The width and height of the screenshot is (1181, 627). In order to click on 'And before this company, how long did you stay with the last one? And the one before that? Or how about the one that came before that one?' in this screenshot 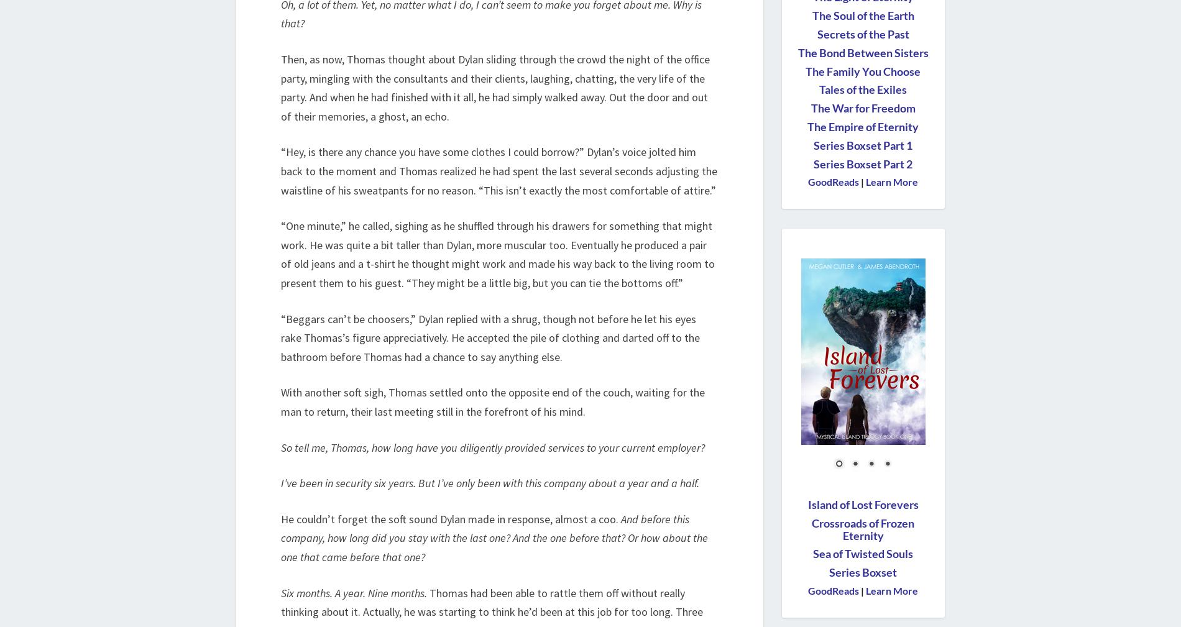, I will do `click(494, 538)`.